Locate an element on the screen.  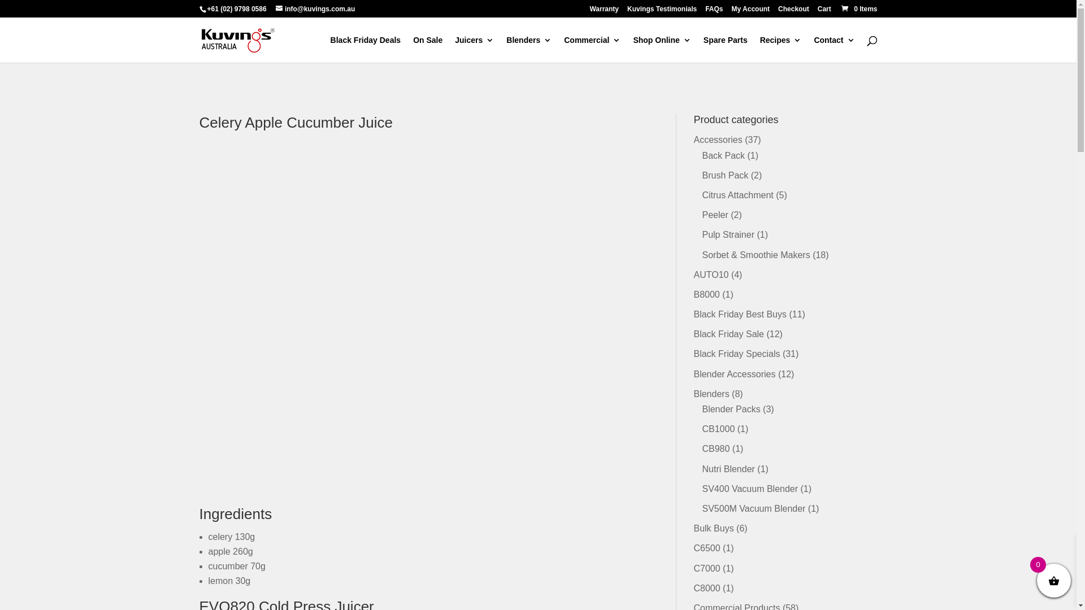
'Blender Packs' is located at coordinates (731, 409).